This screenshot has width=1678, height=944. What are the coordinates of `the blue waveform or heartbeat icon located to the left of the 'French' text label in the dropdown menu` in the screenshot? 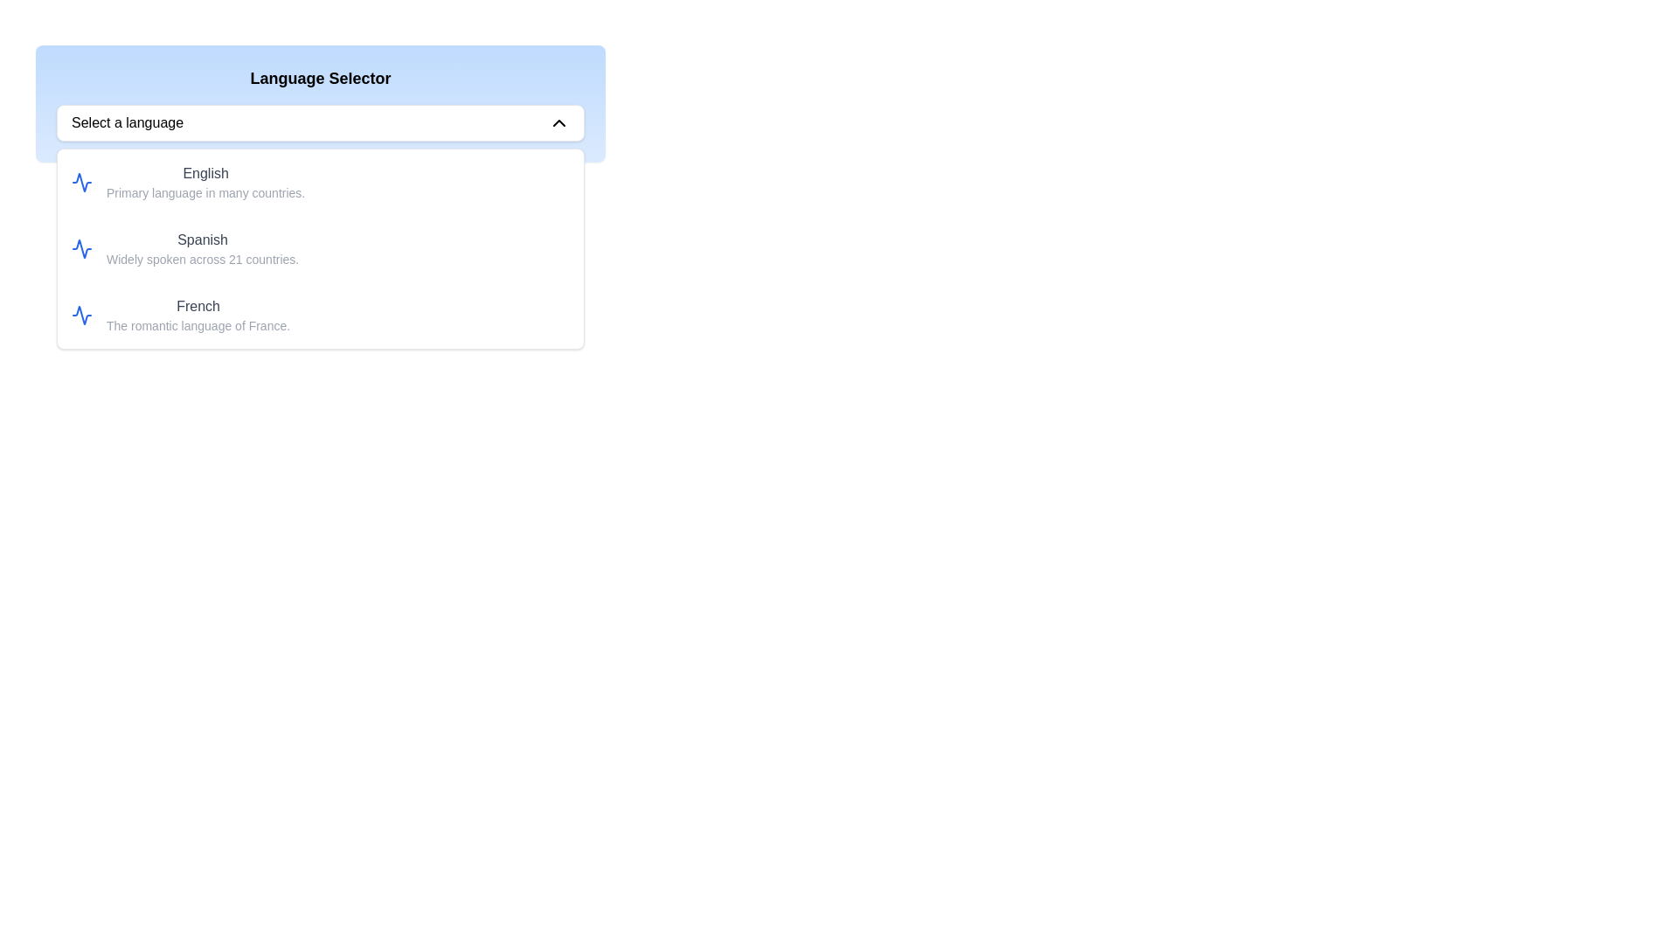 It's located at (81, 316).